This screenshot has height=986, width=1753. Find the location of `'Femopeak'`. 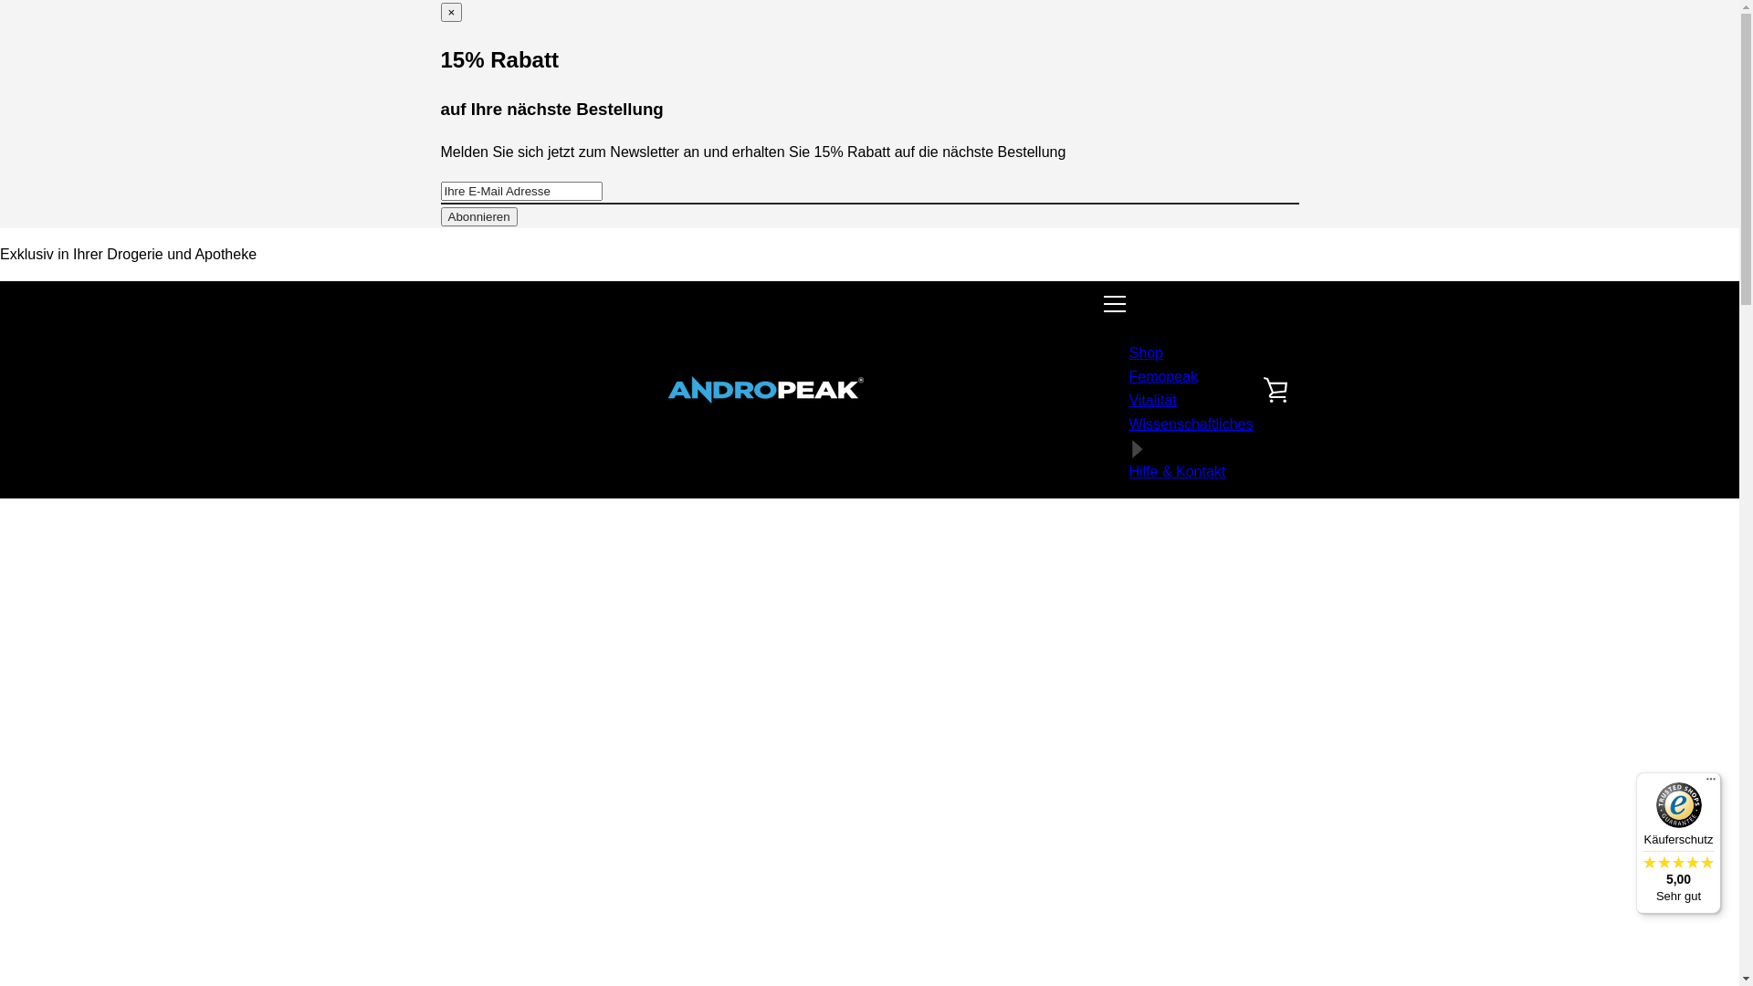

'Femopeak' is located at coordinates (1161, 375).